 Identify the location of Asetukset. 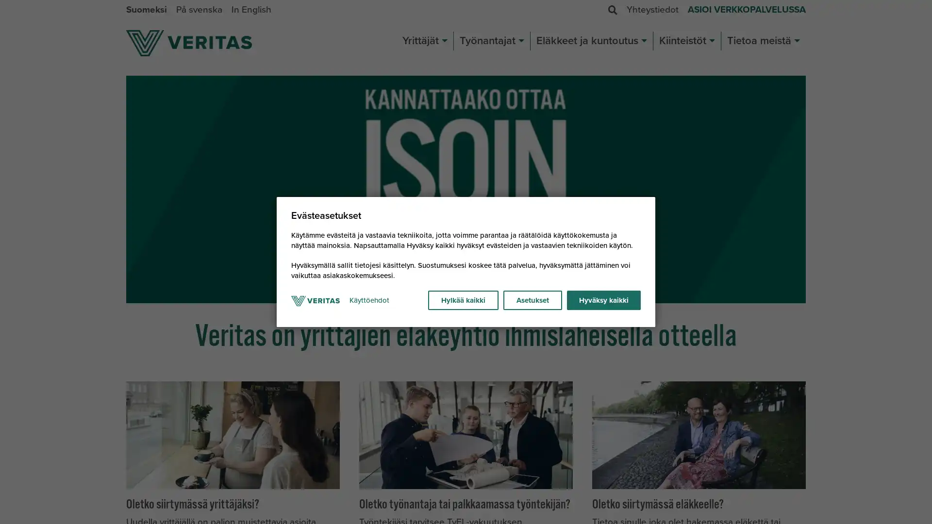
(532, 299).